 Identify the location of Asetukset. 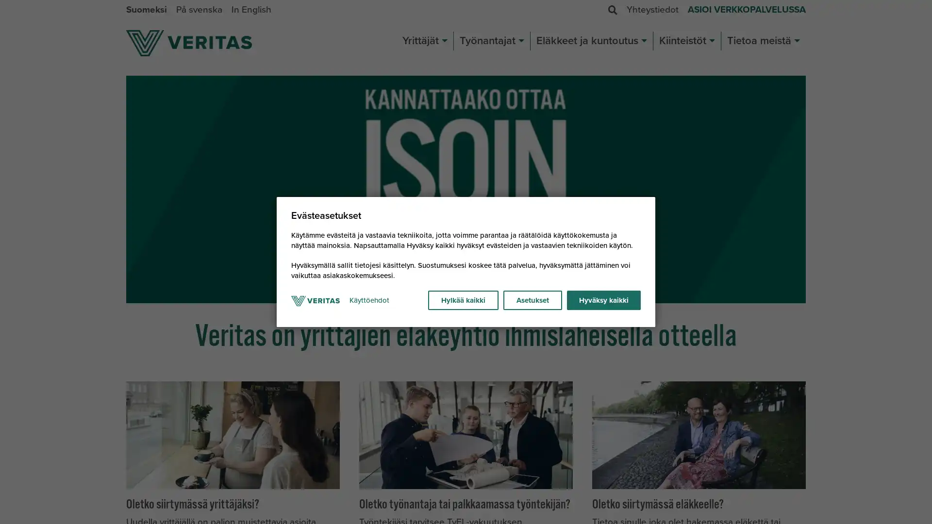
(532, 299).